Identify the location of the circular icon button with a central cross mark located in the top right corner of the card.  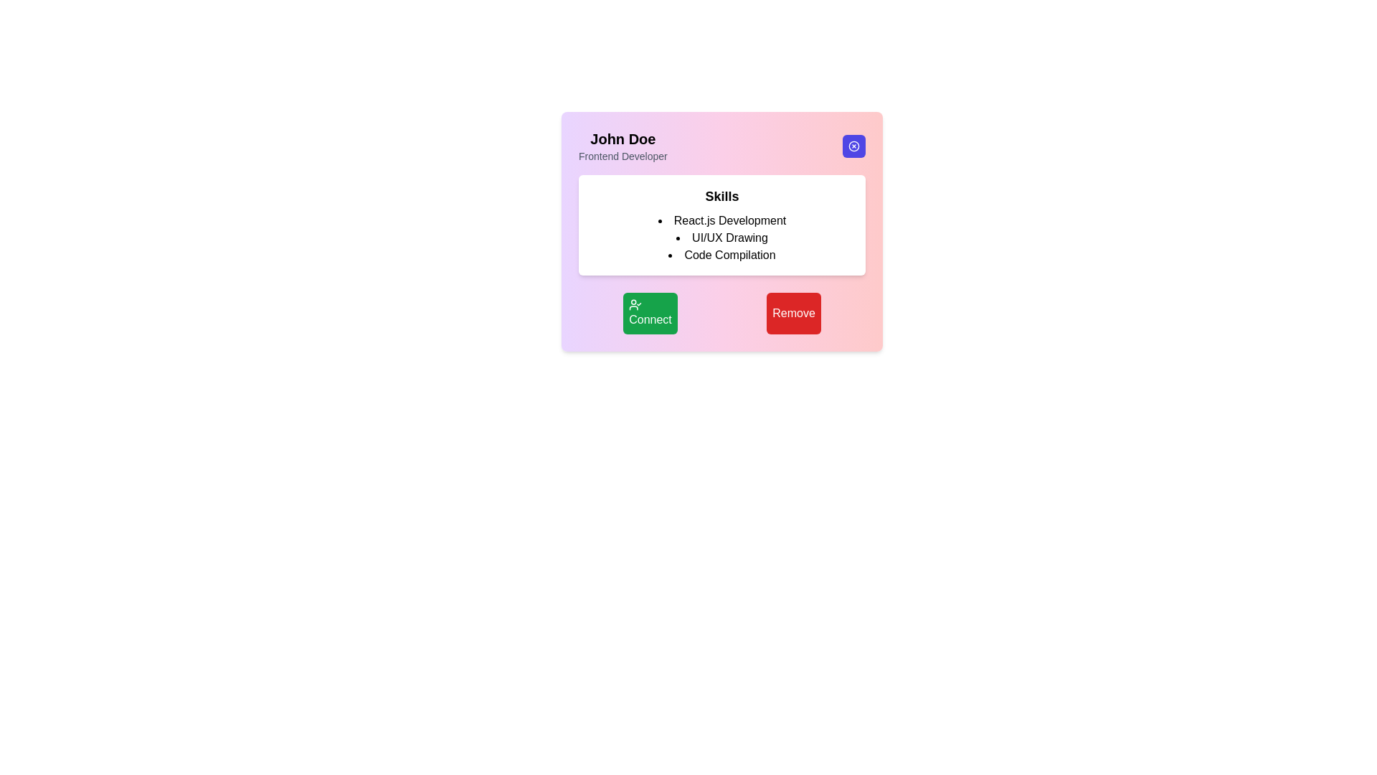
(853, 146).